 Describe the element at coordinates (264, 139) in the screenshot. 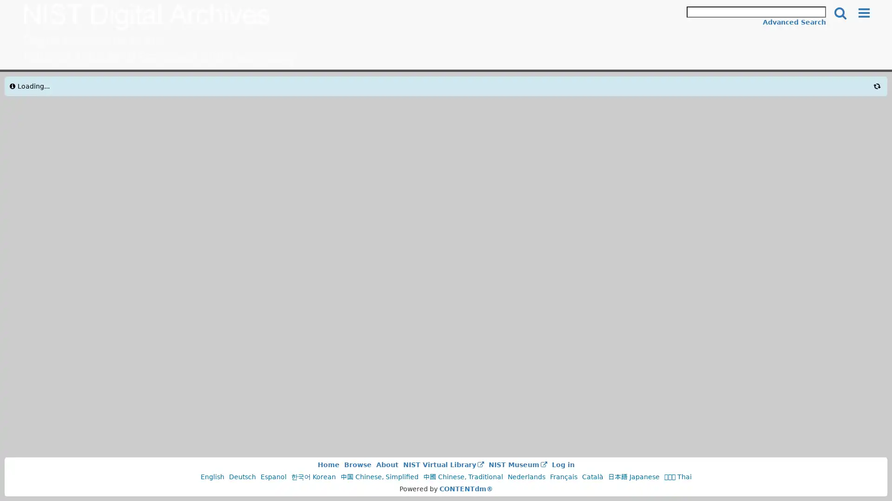

I see `Bulletin` at that location.